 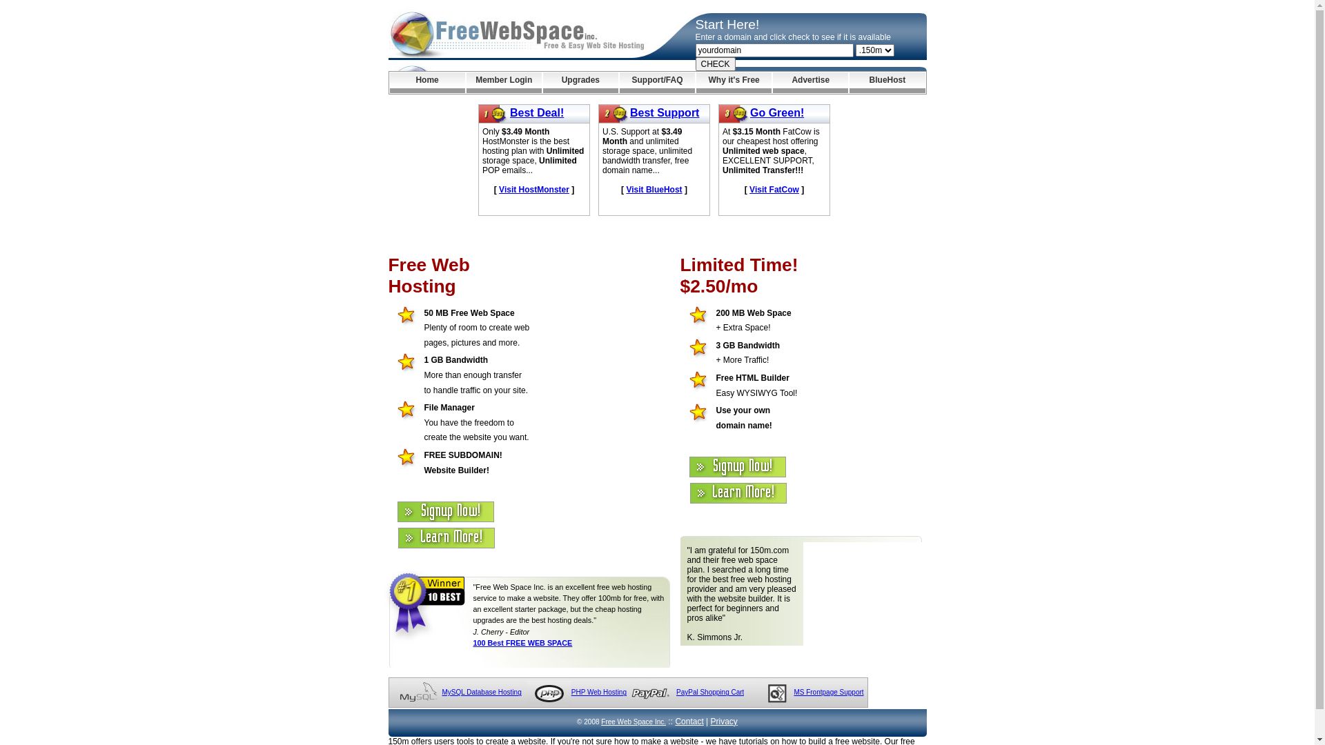 What do you see at coordinates (733, 82) in the screenshot?
I see `'Why it's Free'` at bounding box center [733, 82].